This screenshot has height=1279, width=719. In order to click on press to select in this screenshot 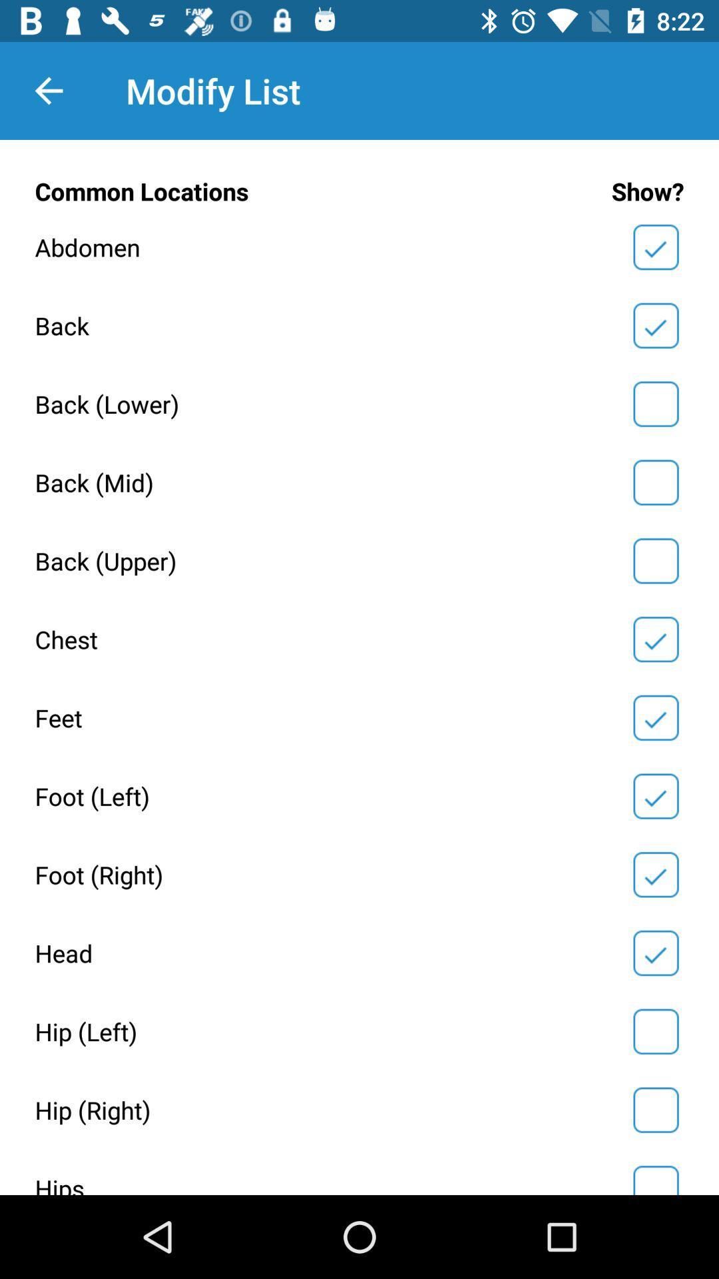, I will do `click(655, 403)`.